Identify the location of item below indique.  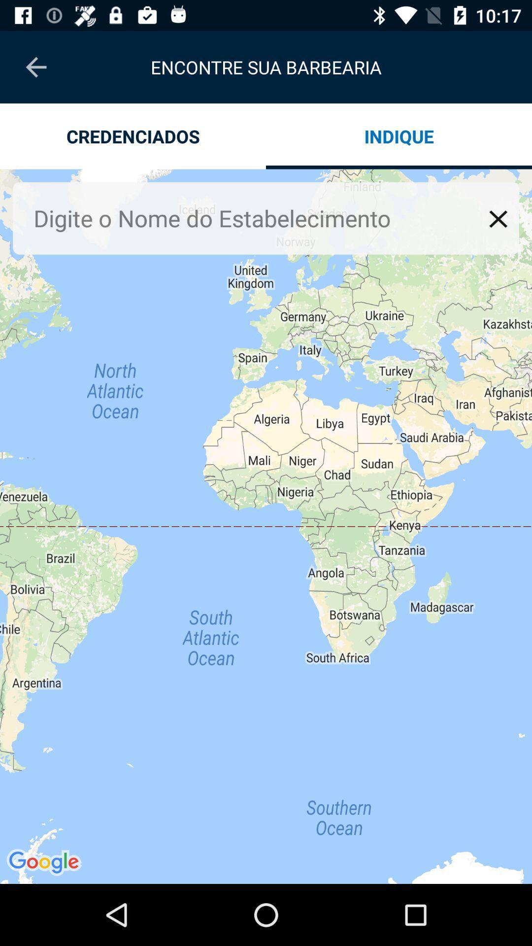
(498, 218).